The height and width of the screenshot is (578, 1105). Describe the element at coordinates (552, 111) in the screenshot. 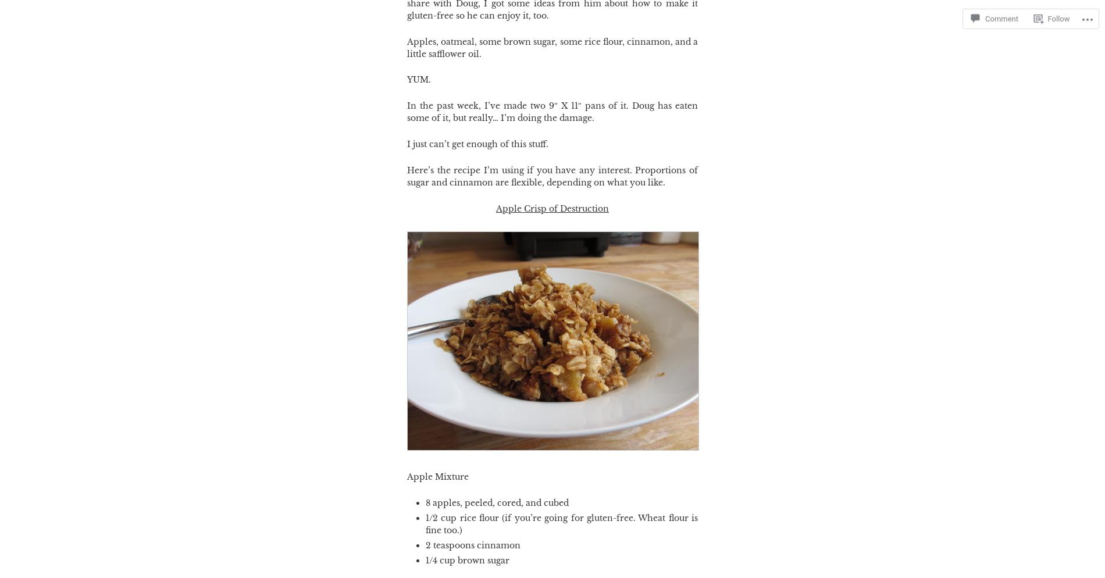

I see `'In the past week, I’ve made two 9″ X 11″ pans of it. Doug has eaten some of it, but really… I’m doing the damage.'` at that location.